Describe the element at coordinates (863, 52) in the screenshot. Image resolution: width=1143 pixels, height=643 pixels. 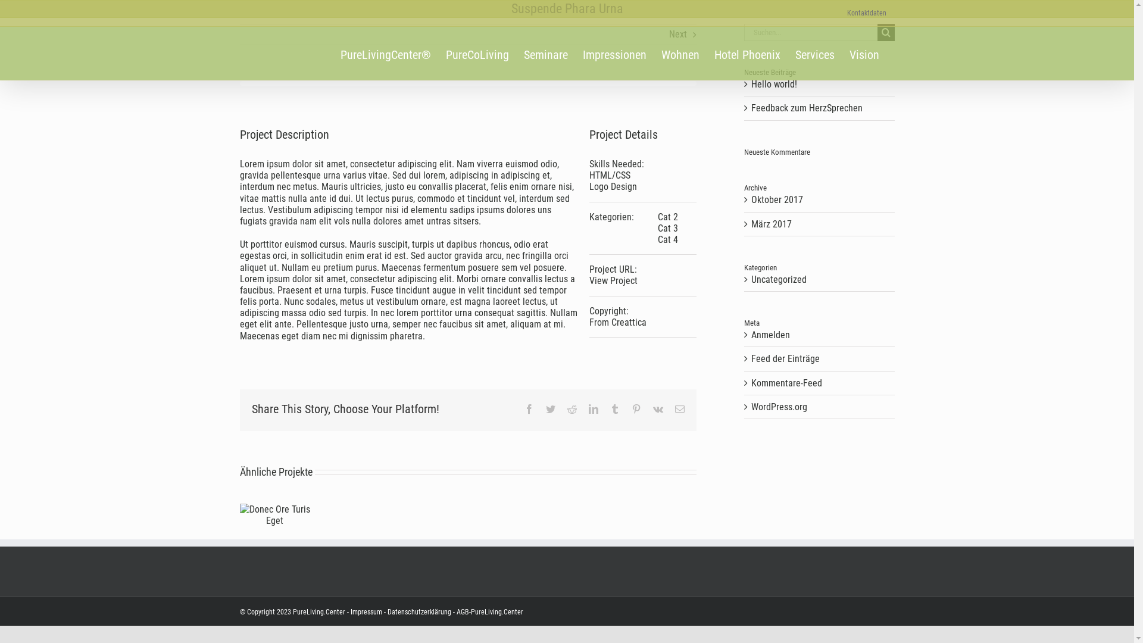
I see `'Vision'` at that location.